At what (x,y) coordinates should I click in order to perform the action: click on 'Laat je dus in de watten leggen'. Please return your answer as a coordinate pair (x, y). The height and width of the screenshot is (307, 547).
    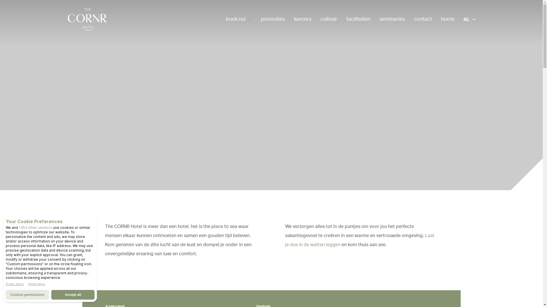
    Looking at the image, I should click on (359, 240).